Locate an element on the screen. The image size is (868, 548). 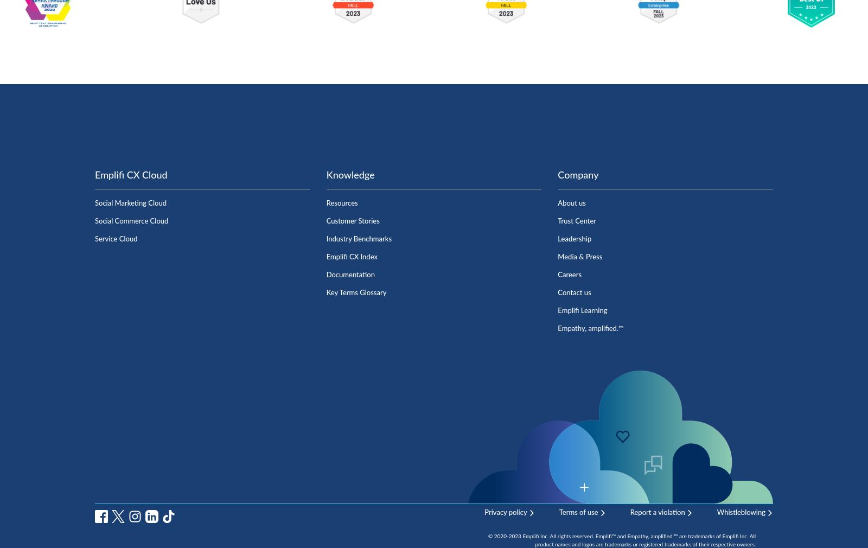
'Emplifi CX Index' is located at coordinates (352, 257).